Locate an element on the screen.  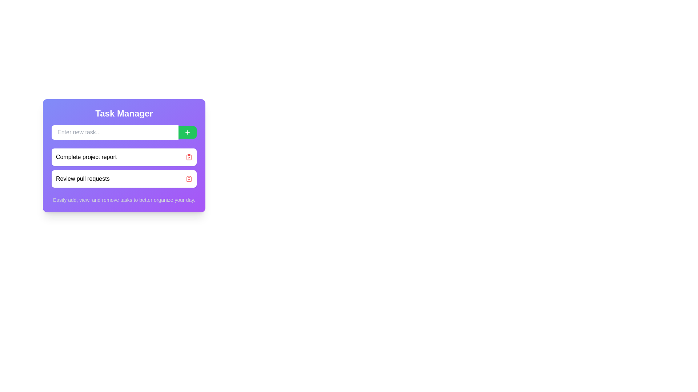
the delete icon adjacent to the bold text tasks in the actionable items list is located at coordinates (124, 168).